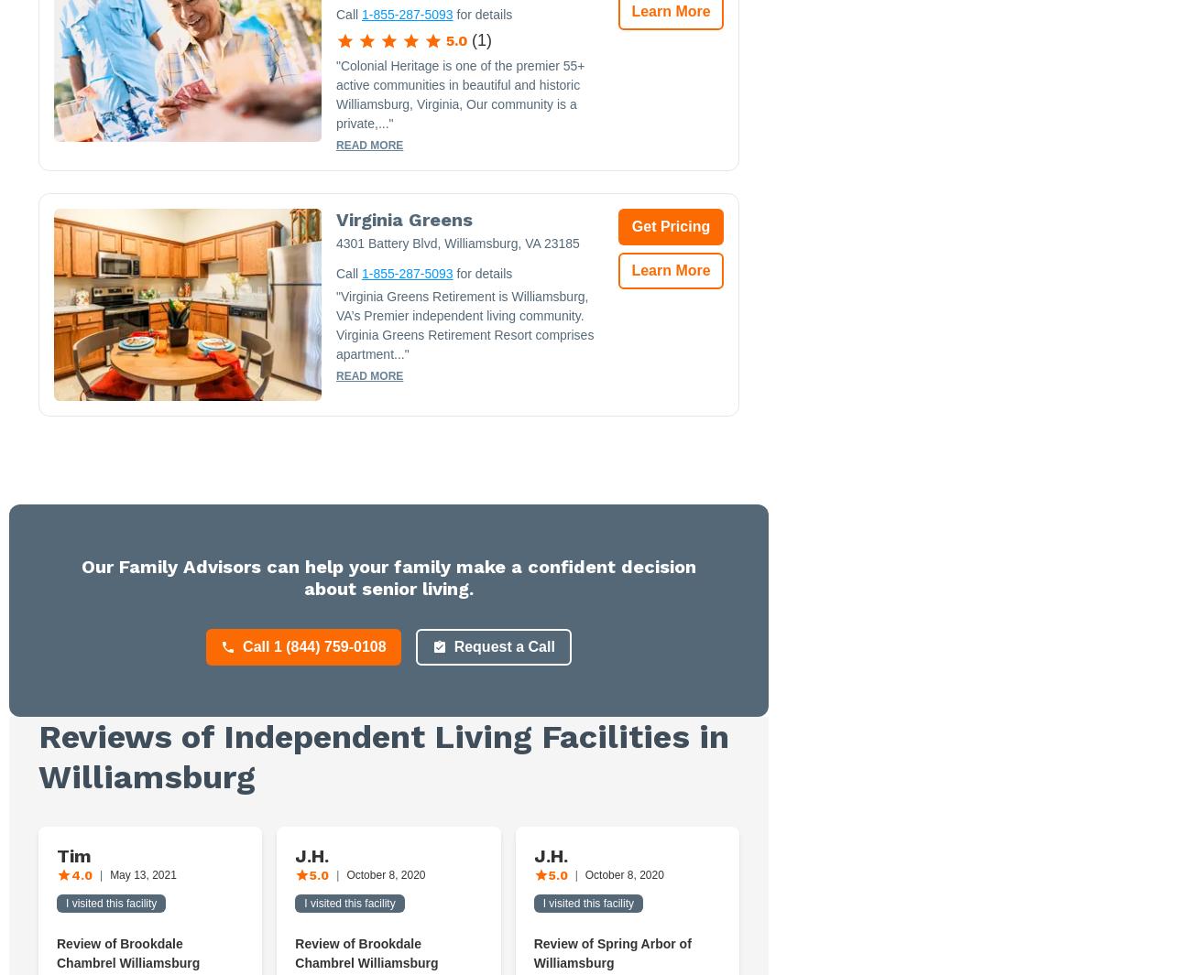  I want to click on '4301 Battery Blvd, Williamsburg, VA 23185', so click(457, 243).